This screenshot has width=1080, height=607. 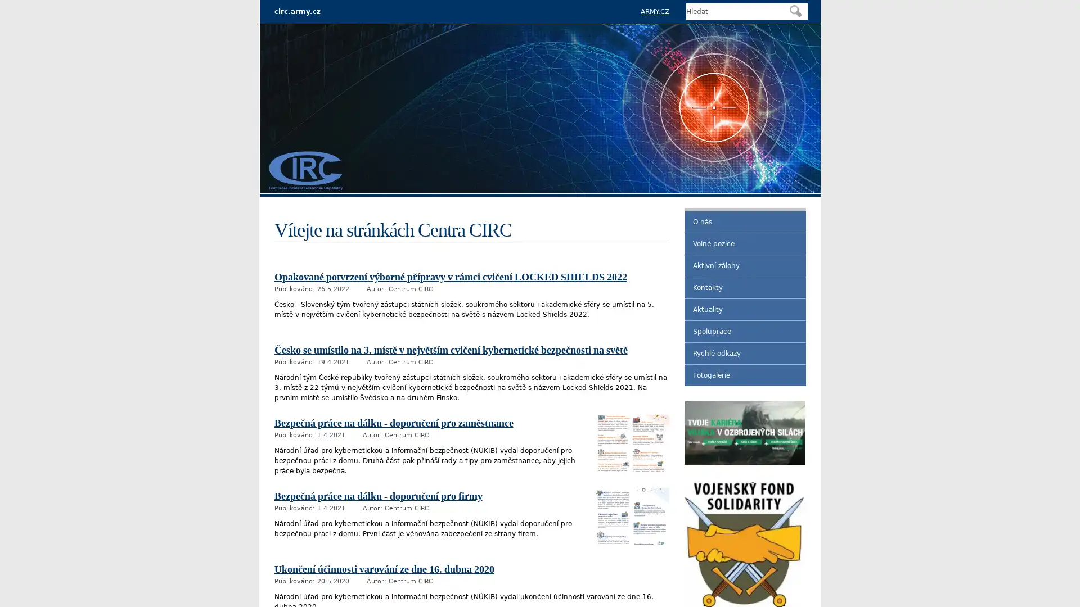 What do you see at coordinates (795, 11) in the screenshot?
I see `Hledat` at bounding box center [795, 11].